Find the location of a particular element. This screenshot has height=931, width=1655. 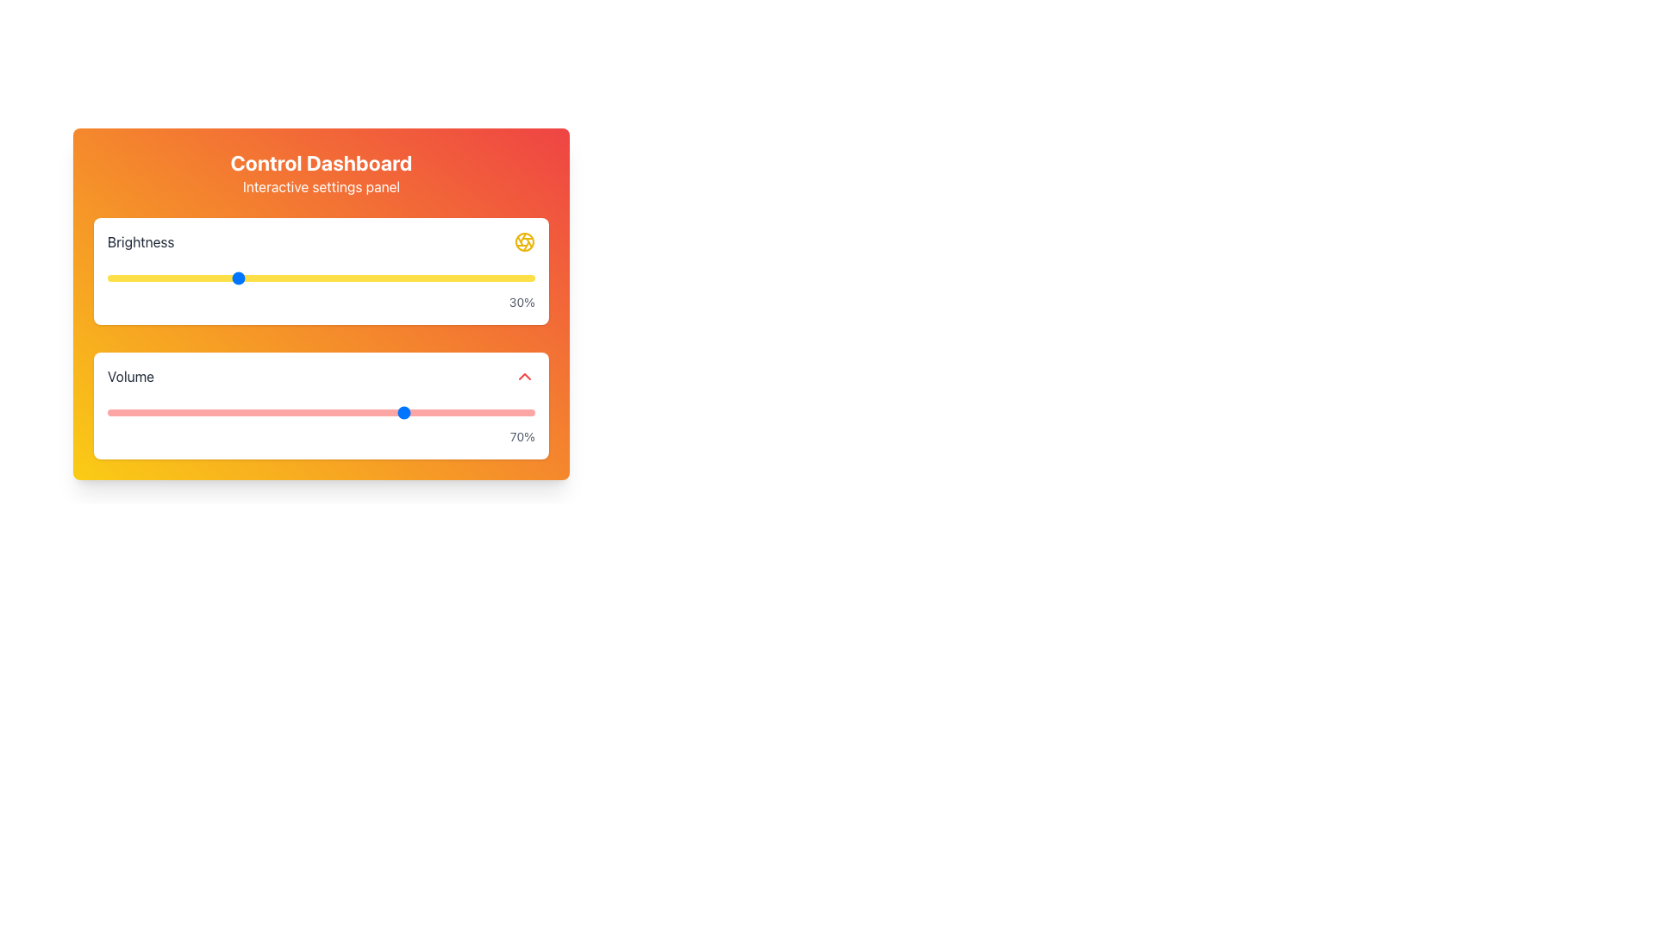

brightness is located at coordinates (184, 278).